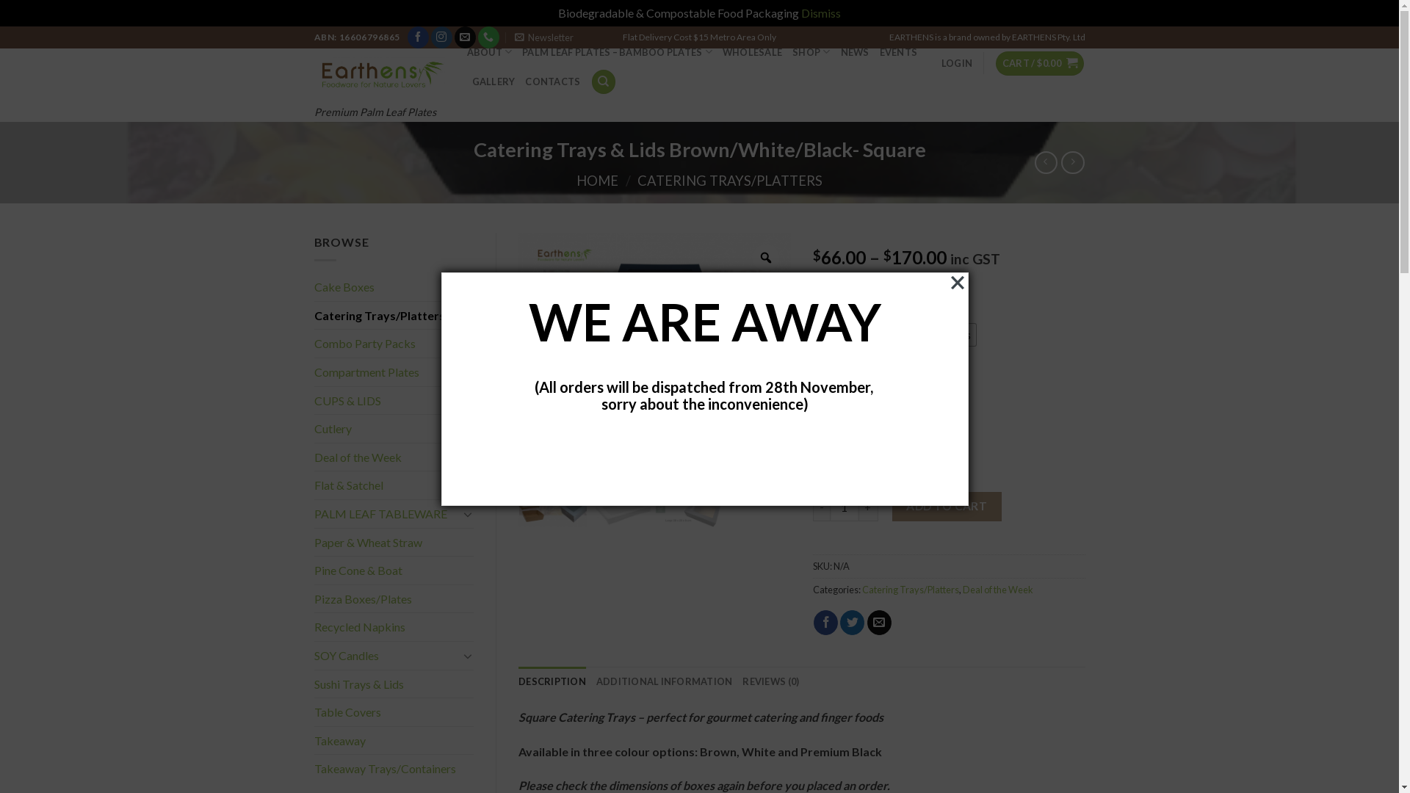 This screenshot has height=793, width=1410. I want to click on 'CART / $0.00', so click(1039, 62).